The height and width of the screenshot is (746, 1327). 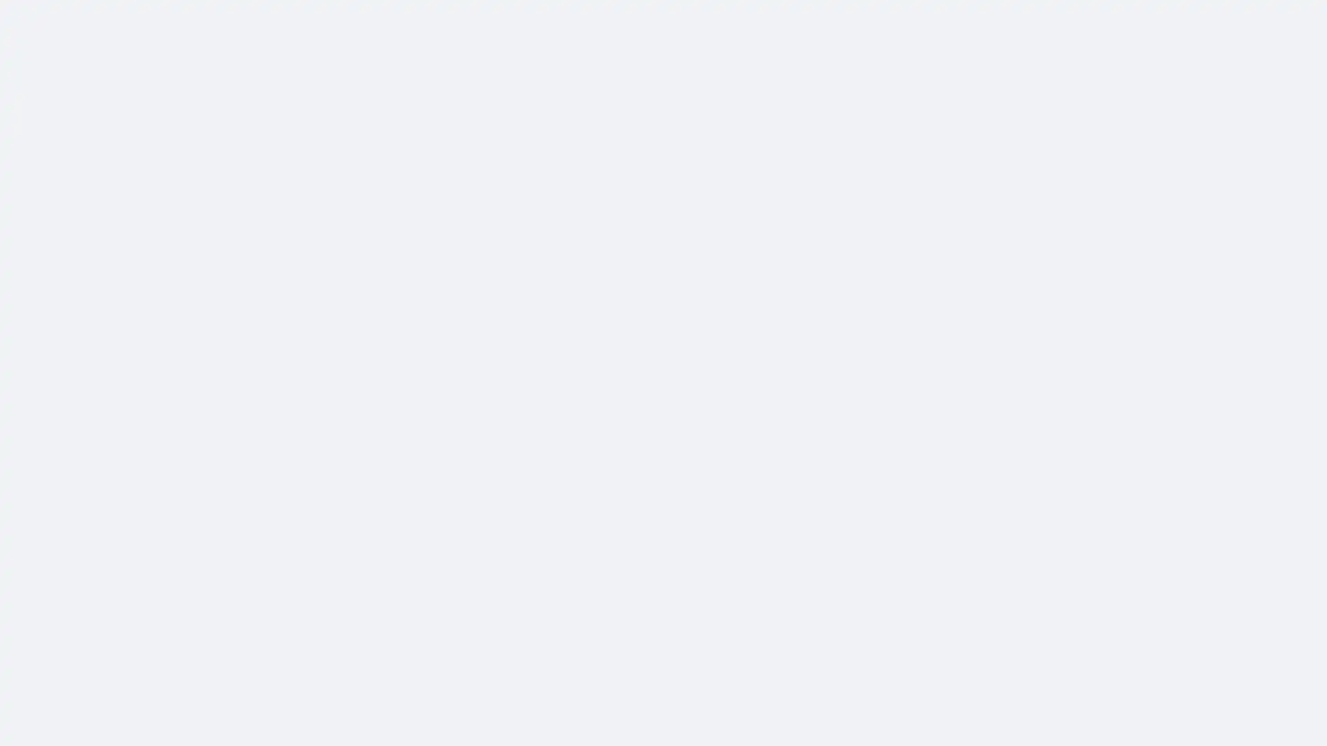 What do you see at coordinates (684, 361) in the screenshot?
I see `Like` at bounding box center [684, 361].